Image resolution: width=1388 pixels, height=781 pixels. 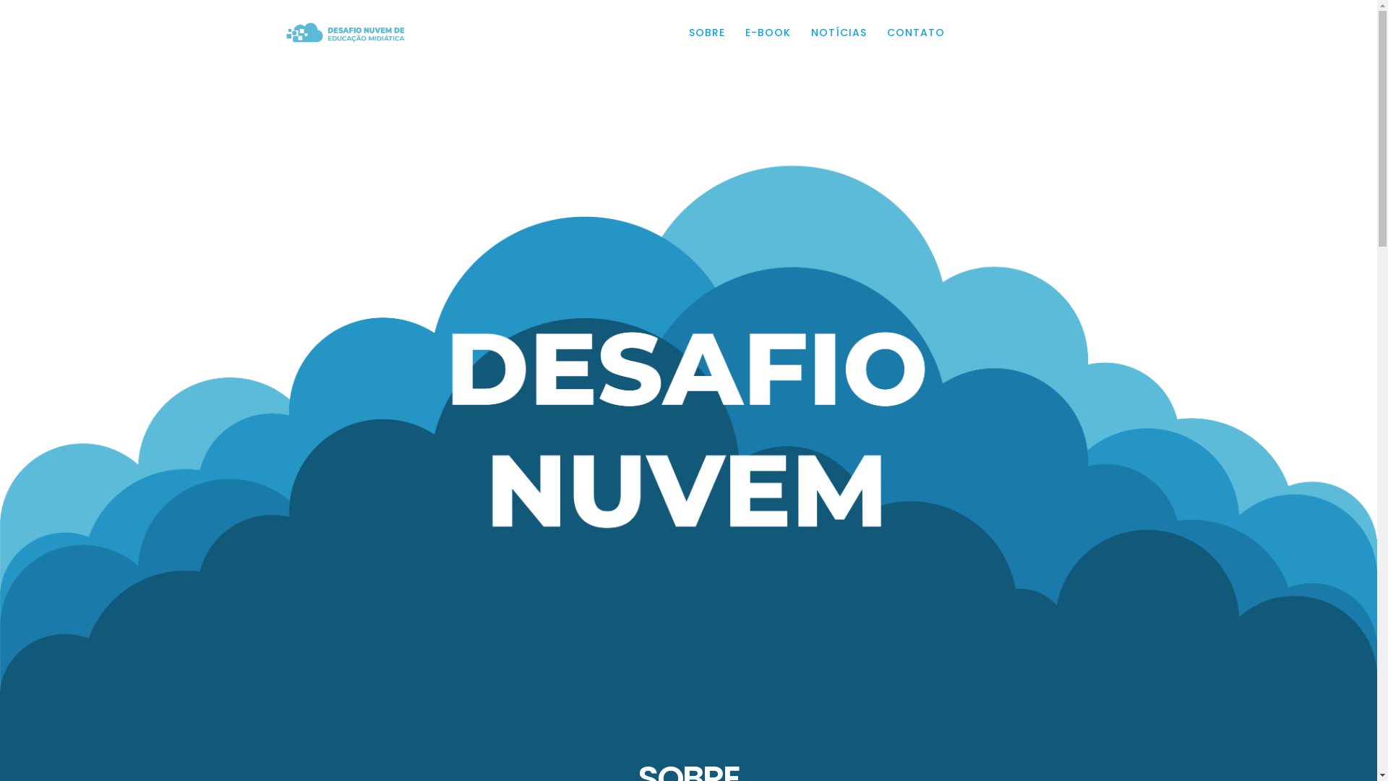 What do you see at coordinates (706, 33) in the screenshot?
I see `'SOBRE'` at bounding box center [706, 33].